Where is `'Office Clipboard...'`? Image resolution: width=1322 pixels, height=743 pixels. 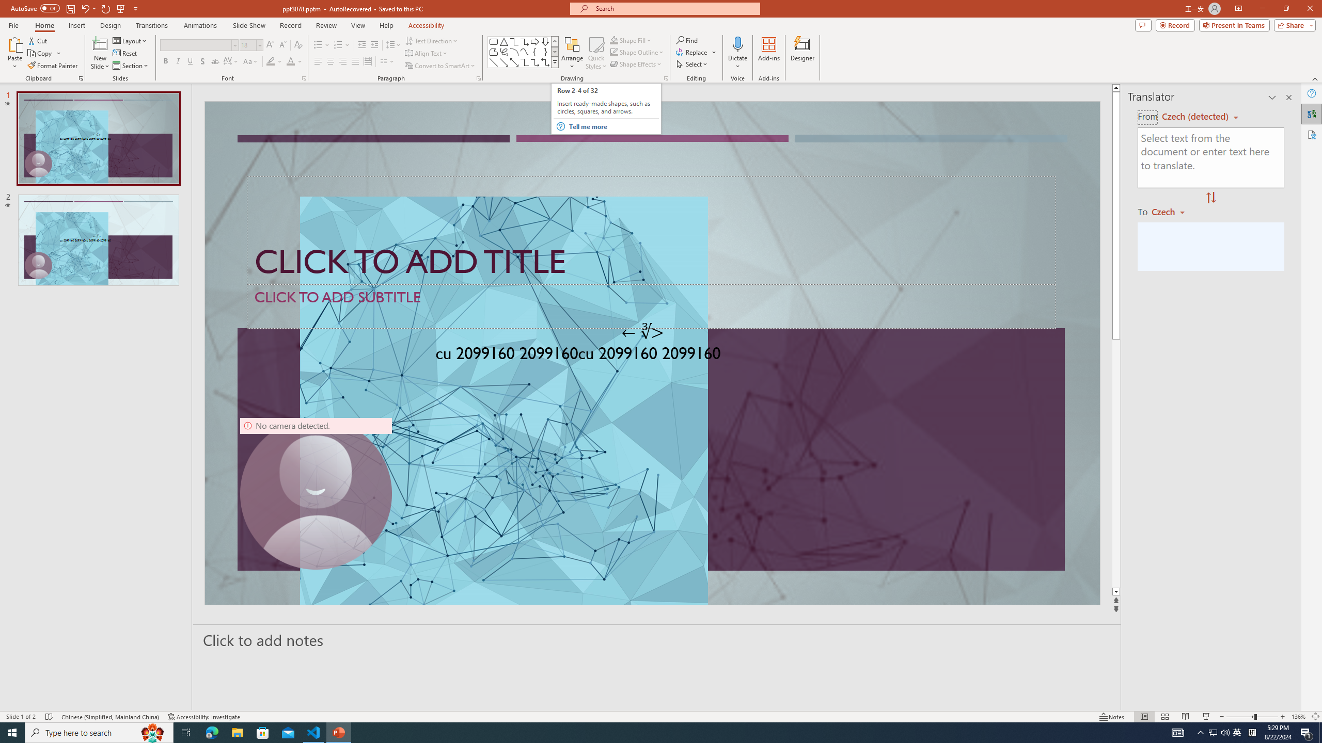 'Office Clipboard...' is located at coordinates (80, 77).